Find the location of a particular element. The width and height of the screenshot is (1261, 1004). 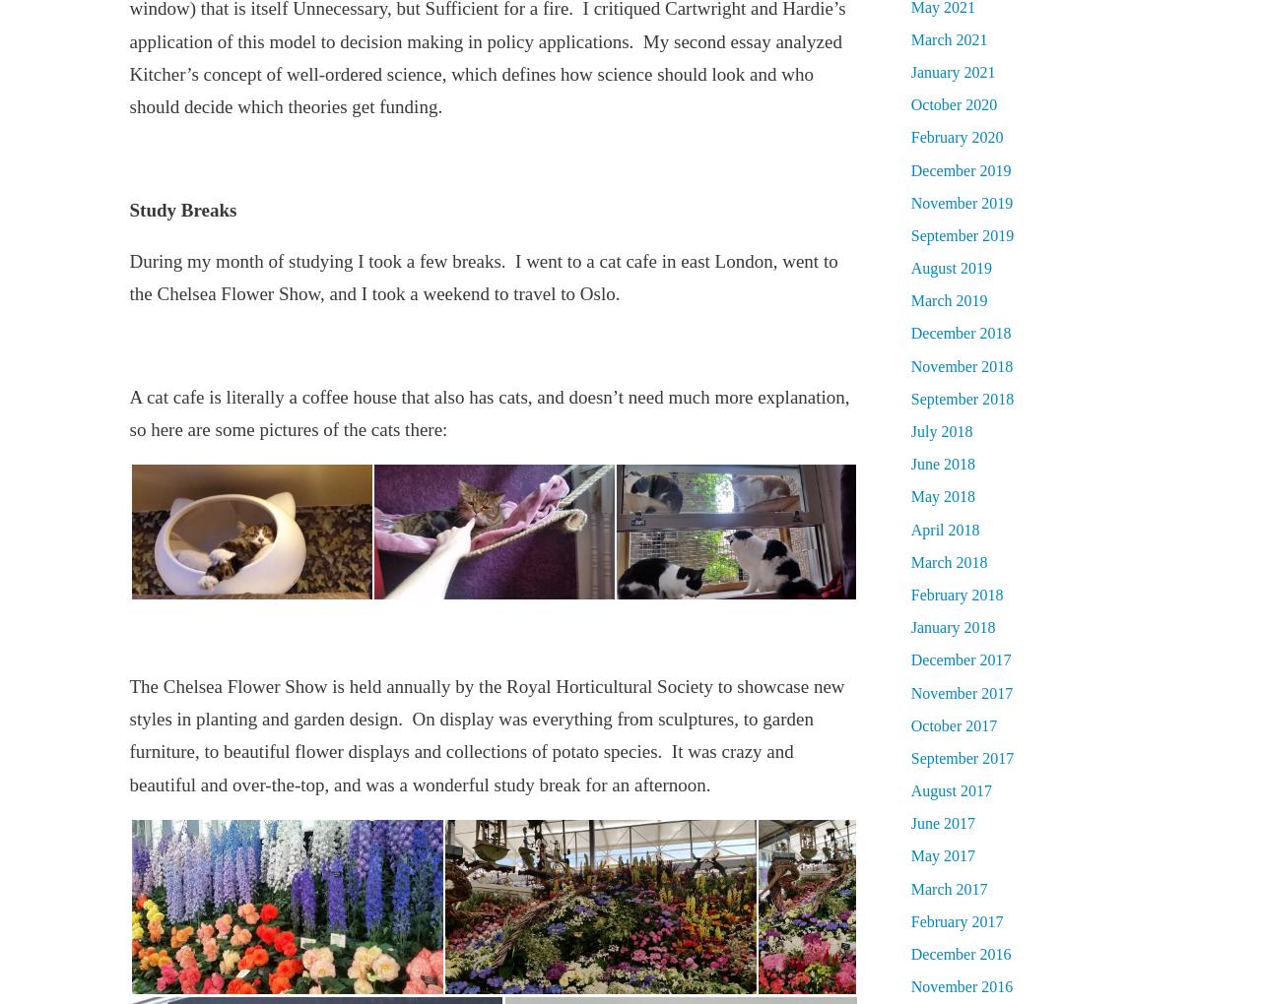

'March 2017' is located at coordinates (948, 888).